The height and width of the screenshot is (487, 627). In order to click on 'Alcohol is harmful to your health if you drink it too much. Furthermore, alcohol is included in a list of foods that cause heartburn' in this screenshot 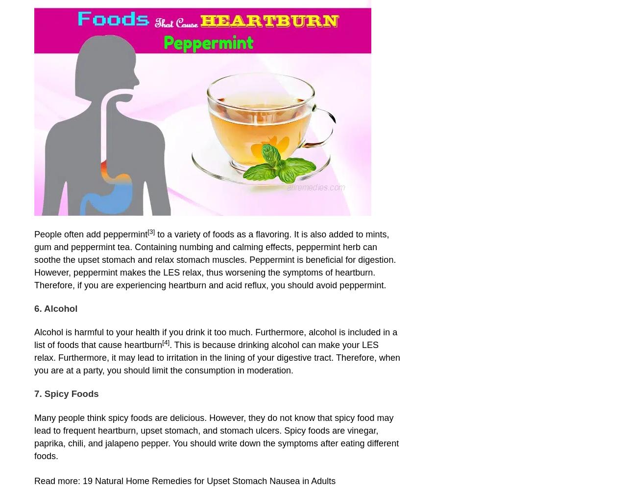, I will do `click(215, 339)`.